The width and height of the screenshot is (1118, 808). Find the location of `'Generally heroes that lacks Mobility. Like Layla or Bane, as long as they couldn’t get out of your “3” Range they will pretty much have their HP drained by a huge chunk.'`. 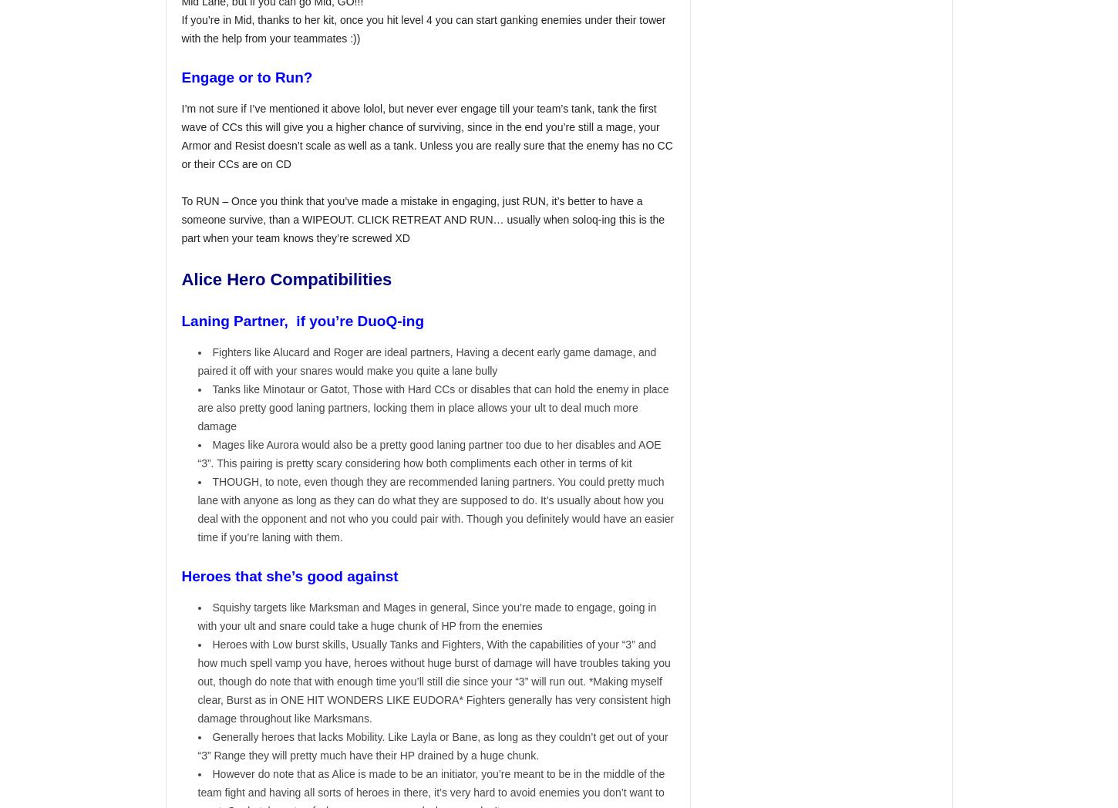

'Generally heroes that lacks Mobility. Like Layla or Bane, as long as they couldn’t get out of your “3” Range they will pretty much have their HP drained by a huge chunk.' is located at coordinates (433, 746).